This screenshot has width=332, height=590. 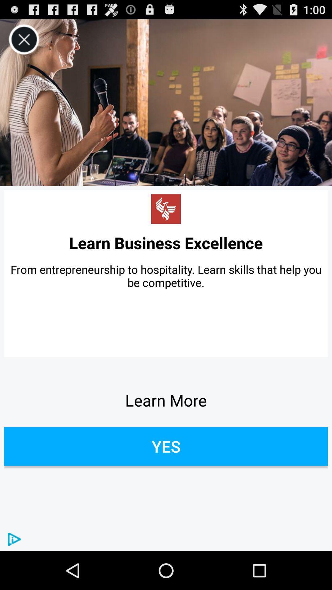 What do you see at coordinates (166, 446) in the screenshot?
I see `yes` at bounding box center [166, 446].